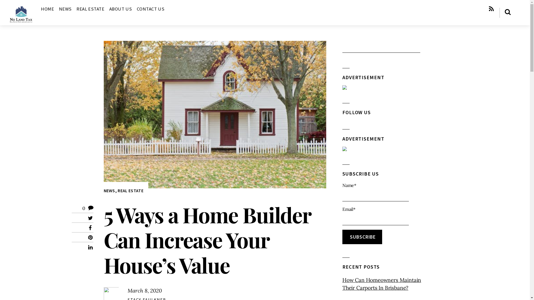  Describe the element at coordinates (90, 237) in the screenshot. I see `'Pinterest'` at that location.